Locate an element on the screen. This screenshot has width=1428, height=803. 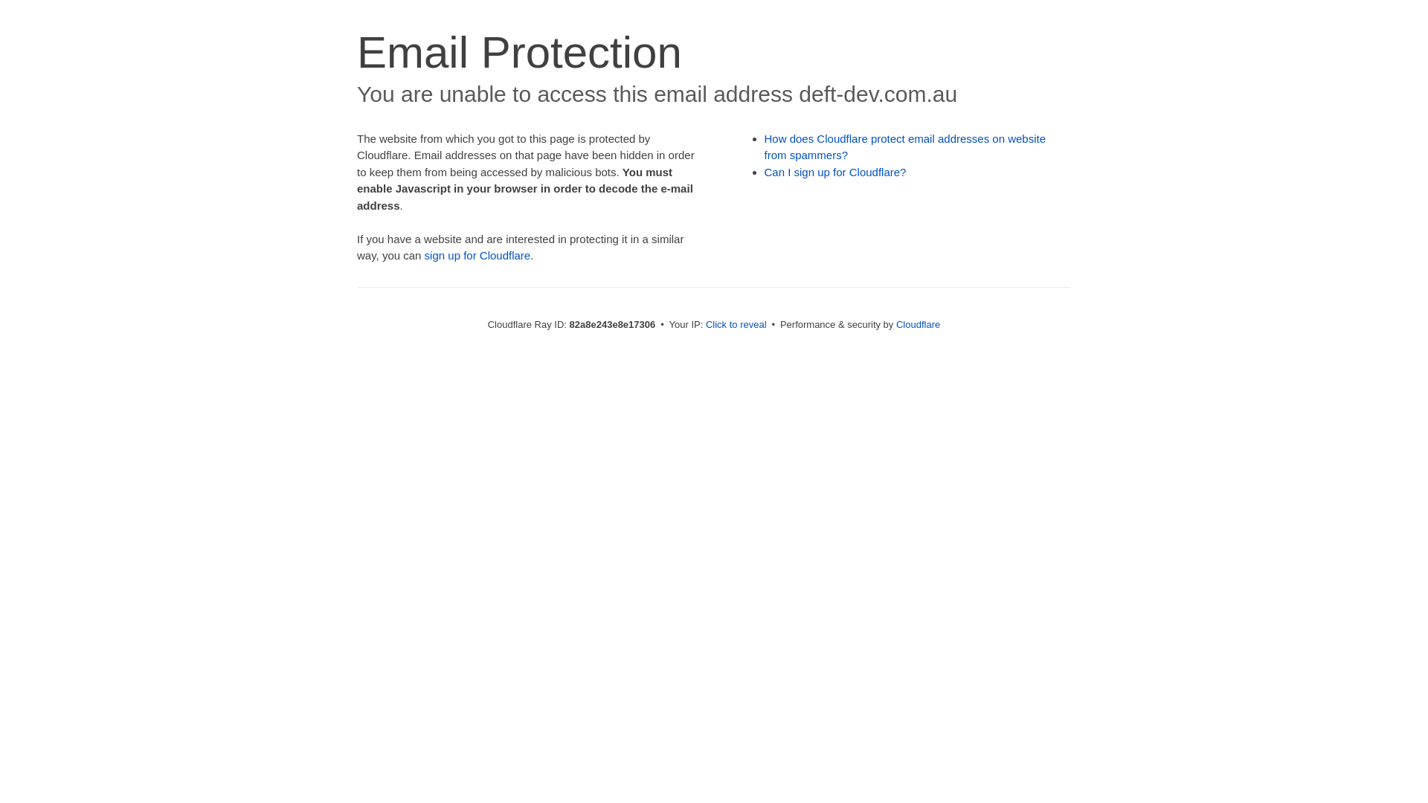
'Can I sign up for Cloudflare?' is located at coordinates (835, 171).